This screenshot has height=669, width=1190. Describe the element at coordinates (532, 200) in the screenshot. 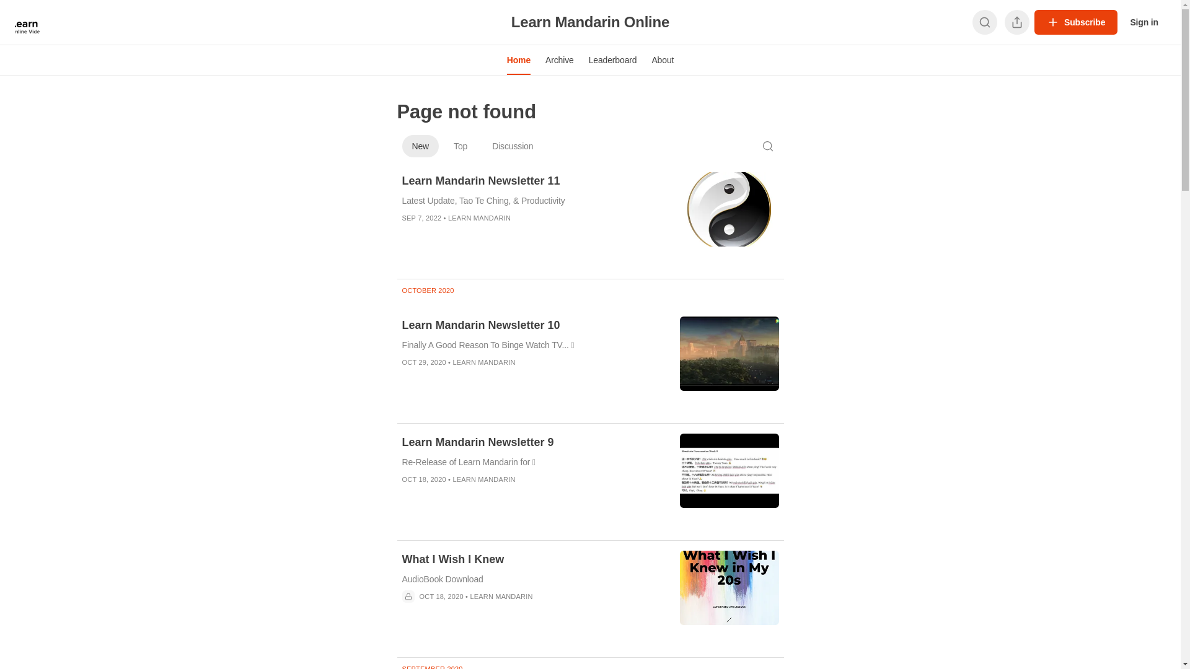

I see `'Latest Update, Tao Te Ching, & Productivity'` at that location.